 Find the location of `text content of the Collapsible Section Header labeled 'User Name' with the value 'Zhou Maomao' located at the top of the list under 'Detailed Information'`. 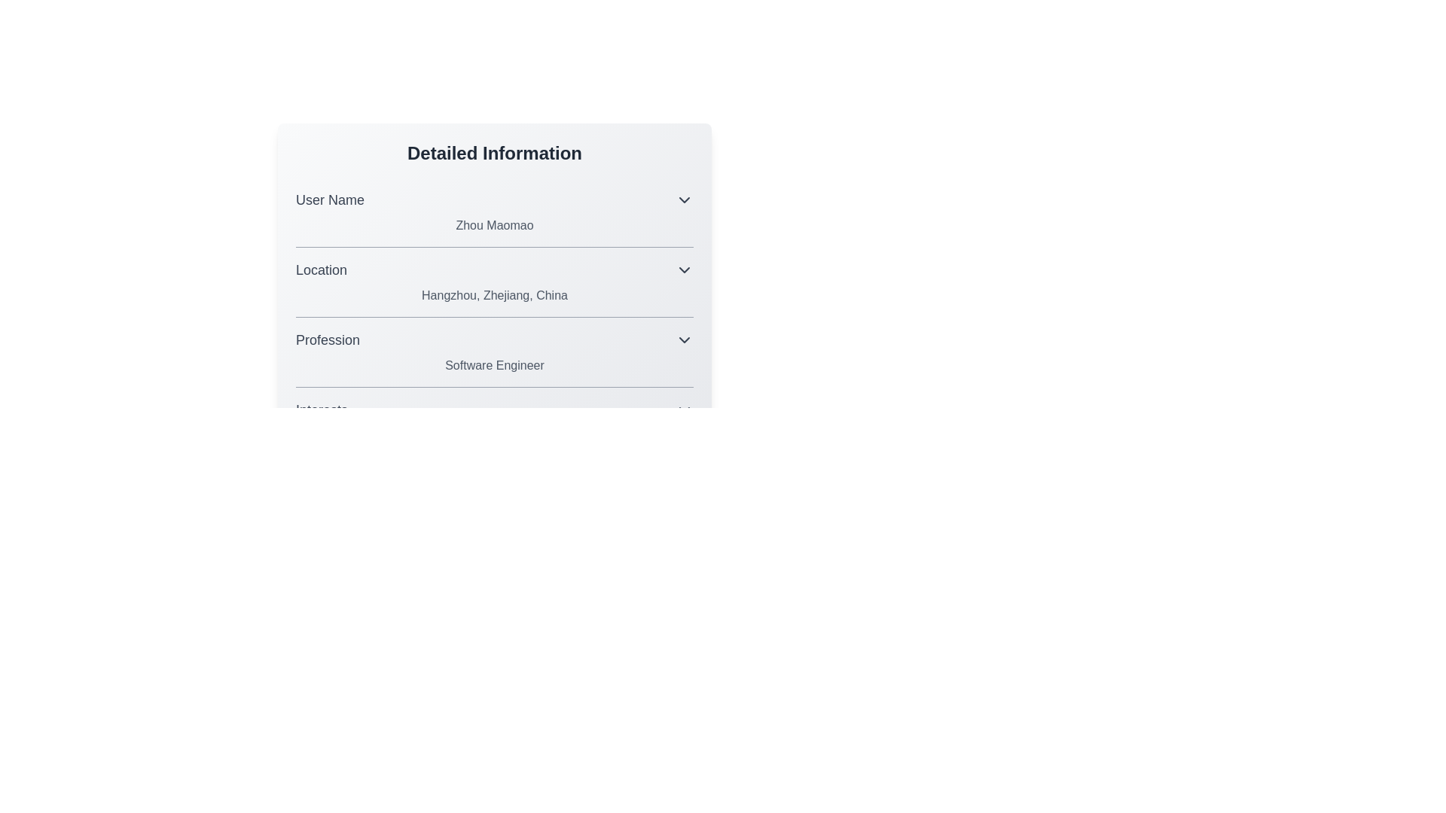

text content of the Collapsible Section Header labeled 'User Name' with the value 'Zhou Maomao' located at the top of the list under 'Detailed Information' is located at coordinates (495, 212).